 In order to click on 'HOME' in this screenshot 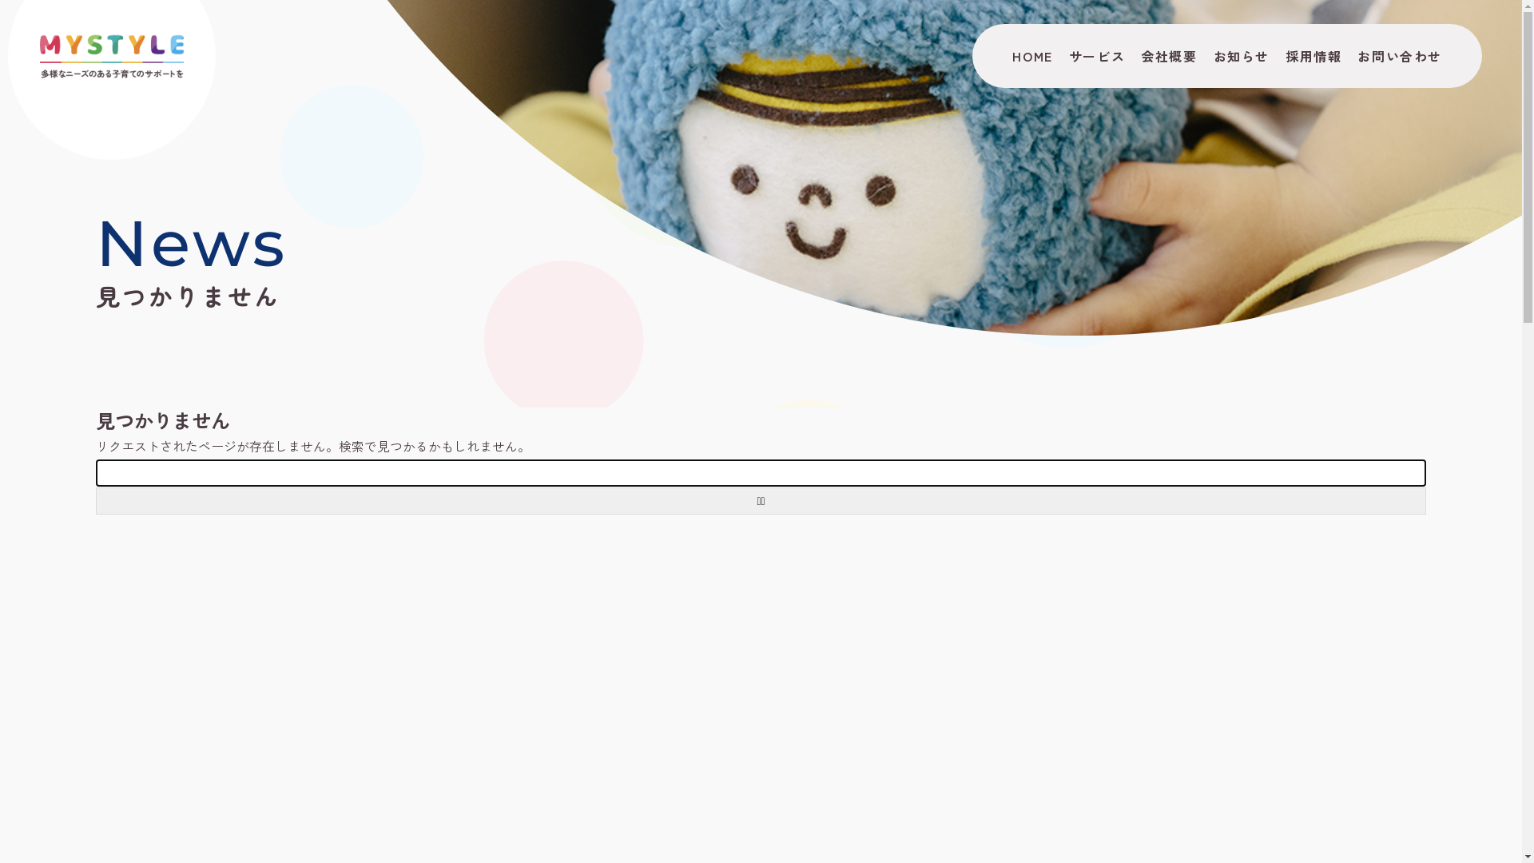, I will do `click(1003, 54)`.